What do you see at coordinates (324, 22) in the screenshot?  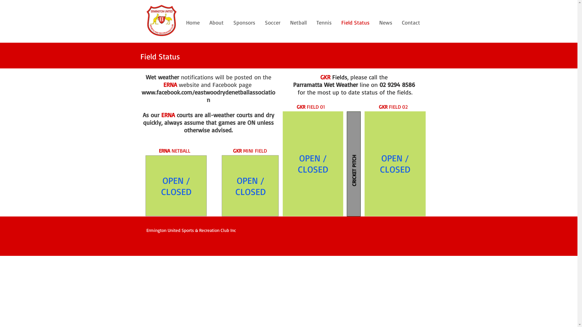 I see `'Tennis'` at bounding box center [324, 22].